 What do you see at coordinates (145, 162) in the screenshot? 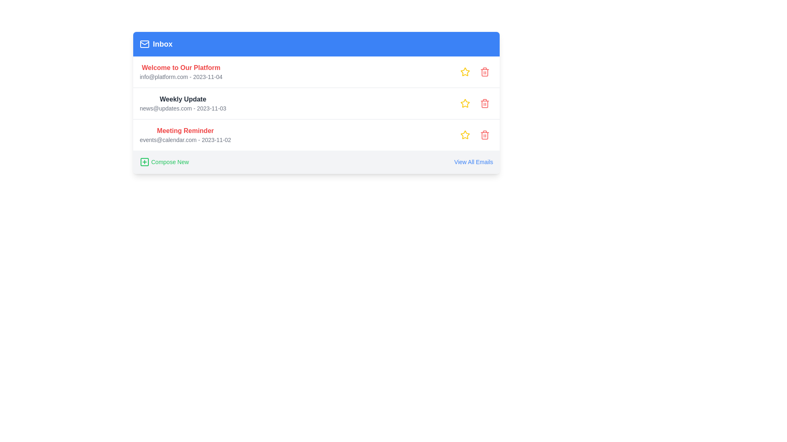
I see `the '+' icon within the 'Compose New' button located at the bottom left of the email interface to initiate creating a new email` at bounding box center [145, 162].